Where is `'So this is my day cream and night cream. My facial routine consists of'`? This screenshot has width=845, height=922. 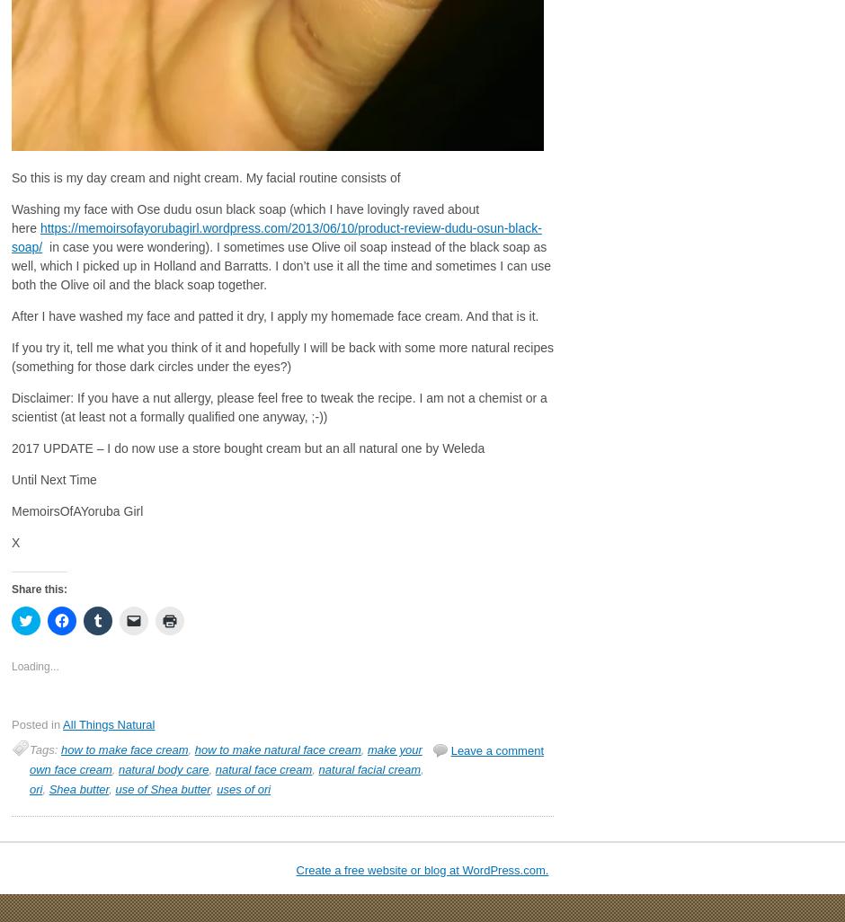 'So this is my day cream and night cream. My facial routine consists of' is located at coordinates (204, 177).